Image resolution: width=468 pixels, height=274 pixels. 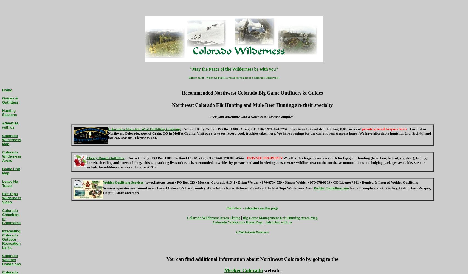 What do you see at coordinates (2, 198) in the screenshot?
I see `'Flat Tops Wilderness Video'` at bounding box center [2, 198].